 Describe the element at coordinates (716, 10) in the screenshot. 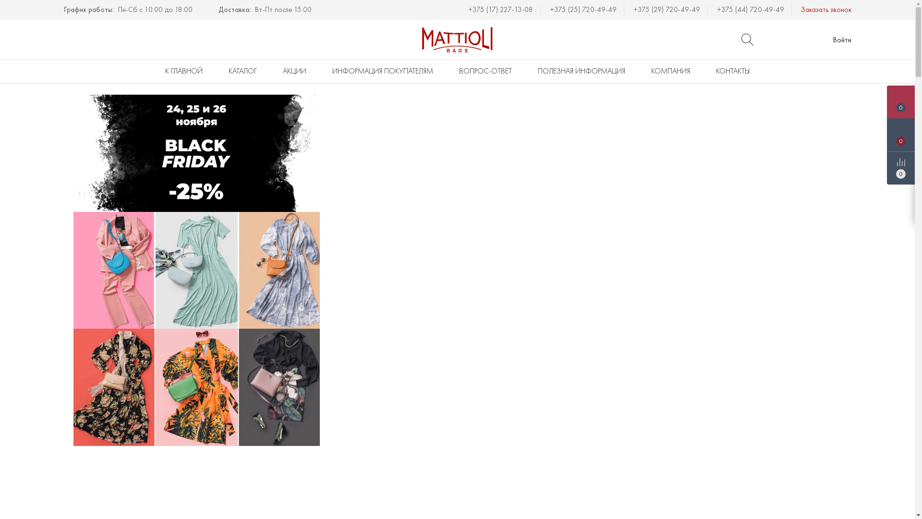

I see `'+375 (44) 720-49-49'` at that location.